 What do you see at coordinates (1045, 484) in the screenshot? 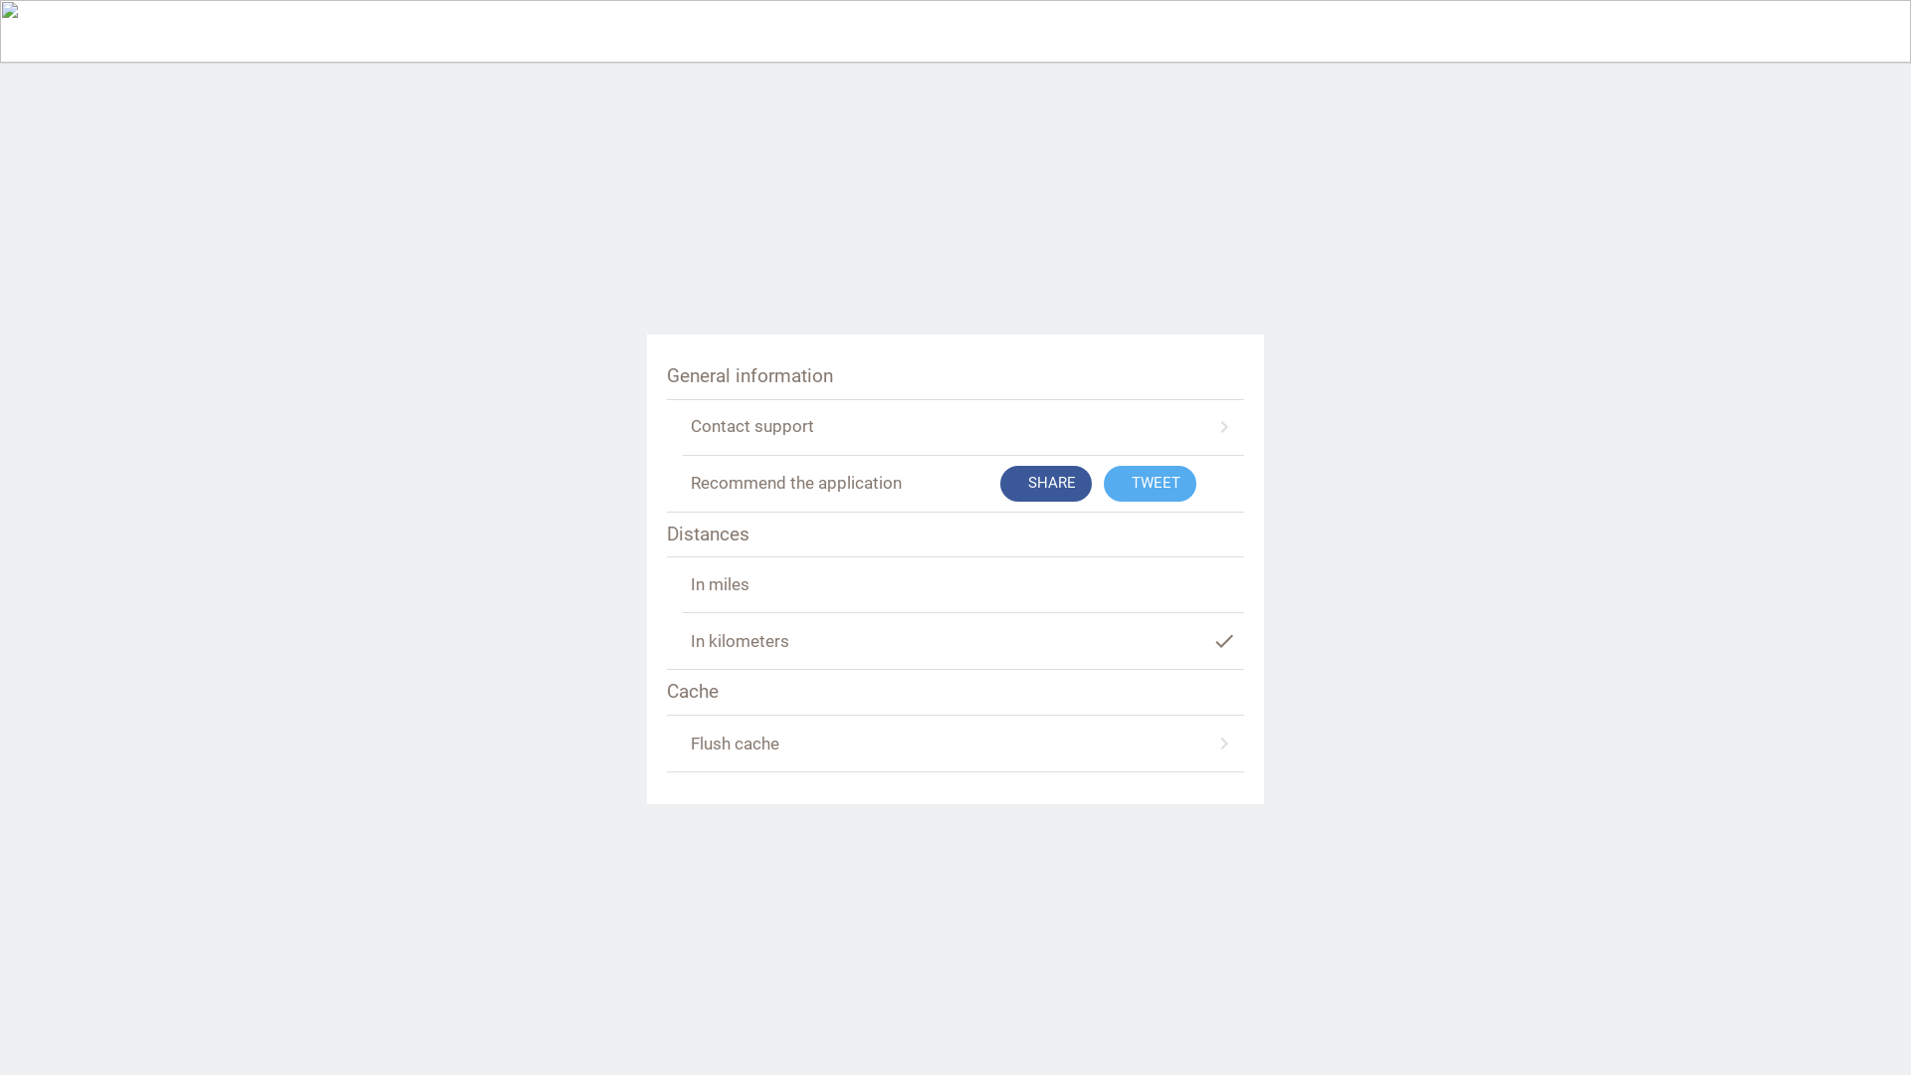
I see `'SHARE'` at bounding box center [1045, 484].